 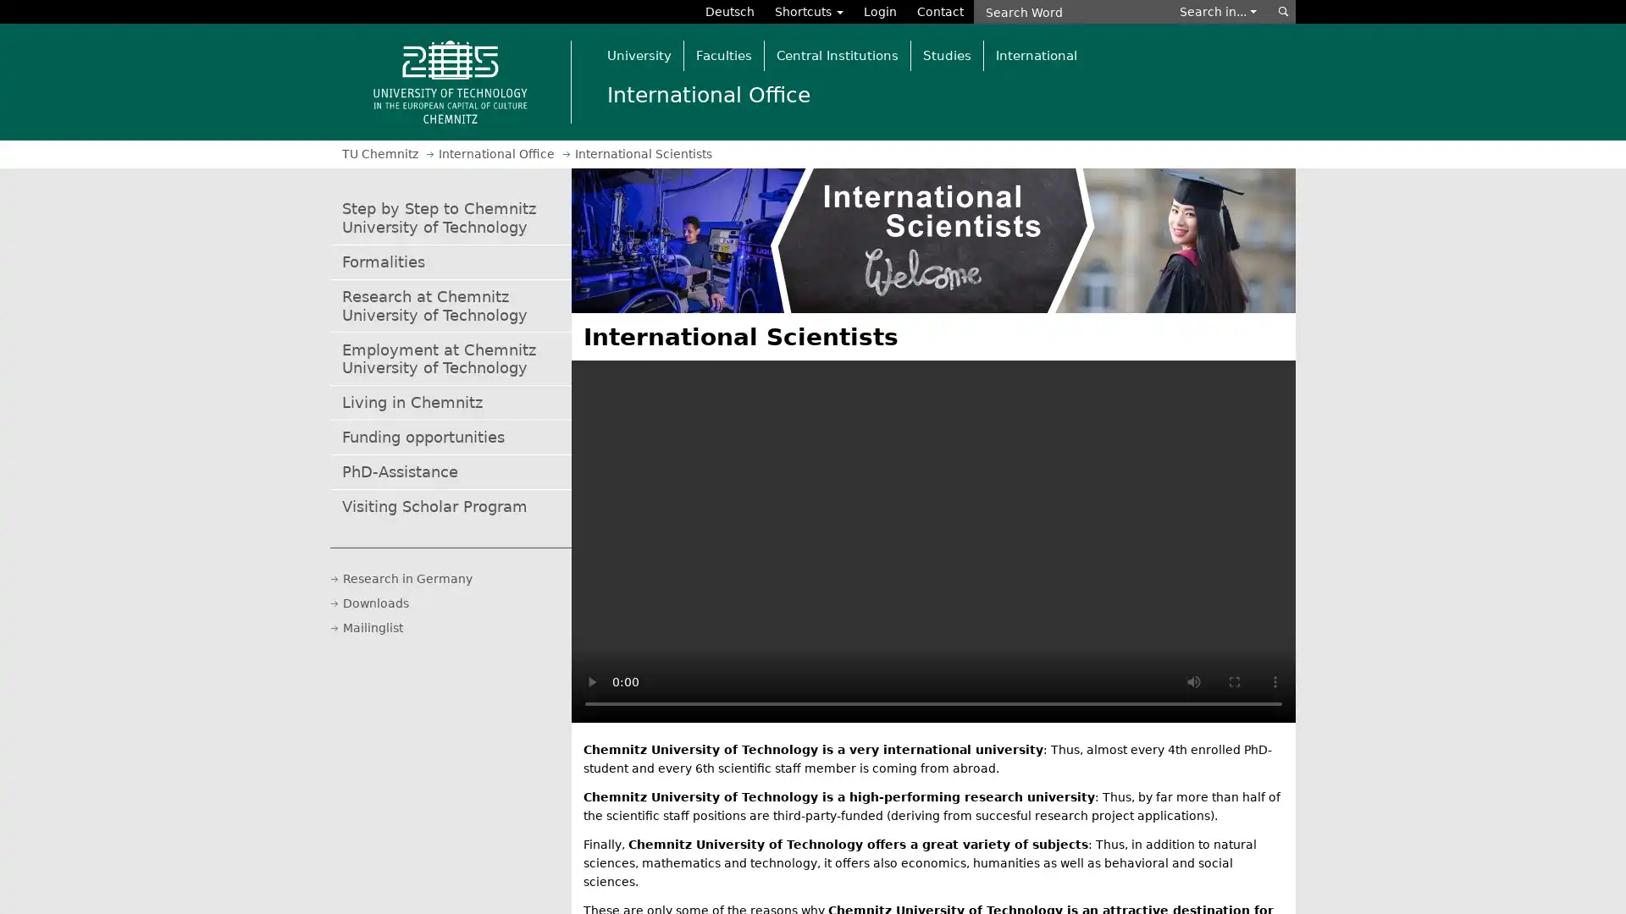 I want to click on Faculties, so click(x=723, y=54).